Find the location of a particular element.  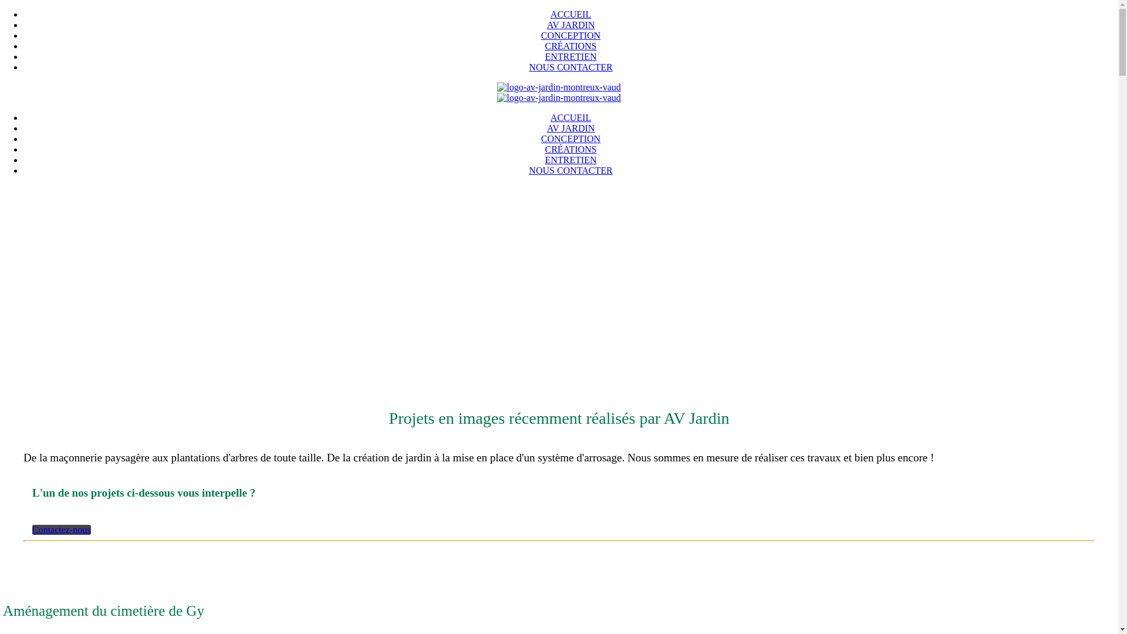

'Contactez-nous' is located at coordinates (61, 530).